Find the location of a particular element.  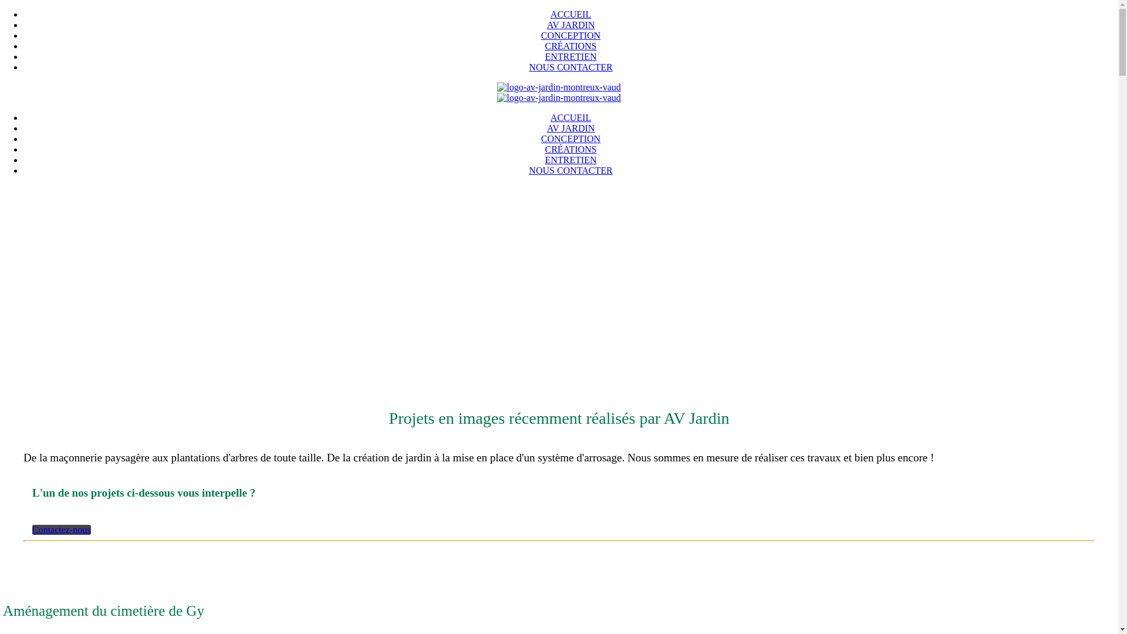

'Contactez-nous' is located at coordinates (61, 530).